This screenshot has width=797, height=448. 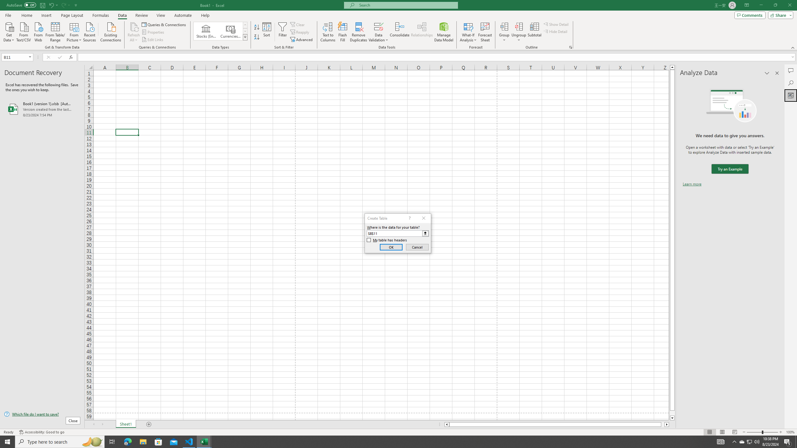 What do you see at coordinates (399, 32) in the screenshot?
I see `'Consolidate...'` at bounding box center [399, 32].